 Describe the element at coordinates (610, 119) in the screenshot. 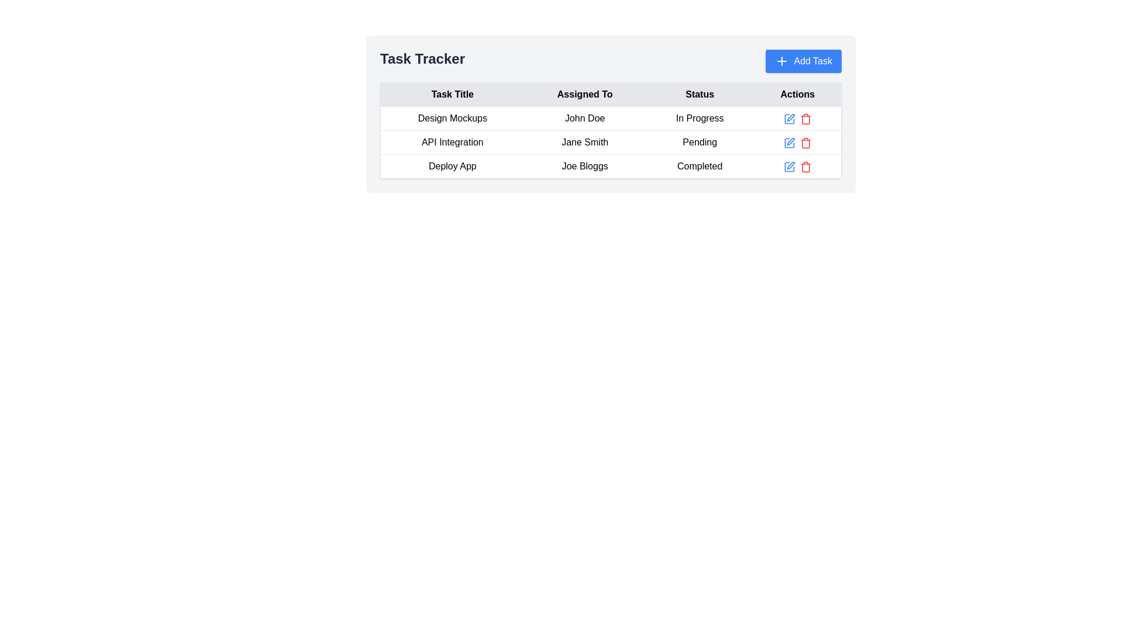

I see `the first row of the task tracker table, which displays task details including title, assignee, status, and actions` at that location.